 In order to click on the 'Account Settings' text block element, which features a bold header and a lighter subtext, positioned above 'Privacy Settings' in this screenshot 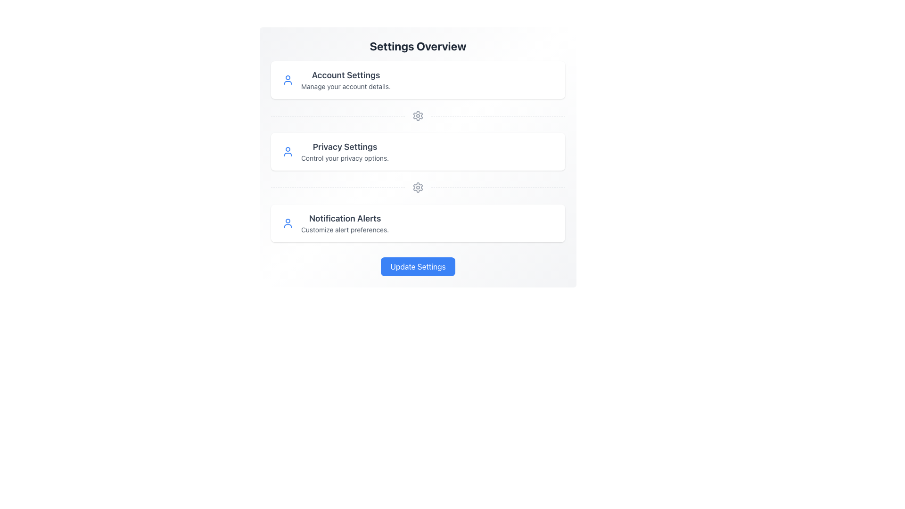, I will do `click(346, 79)`.